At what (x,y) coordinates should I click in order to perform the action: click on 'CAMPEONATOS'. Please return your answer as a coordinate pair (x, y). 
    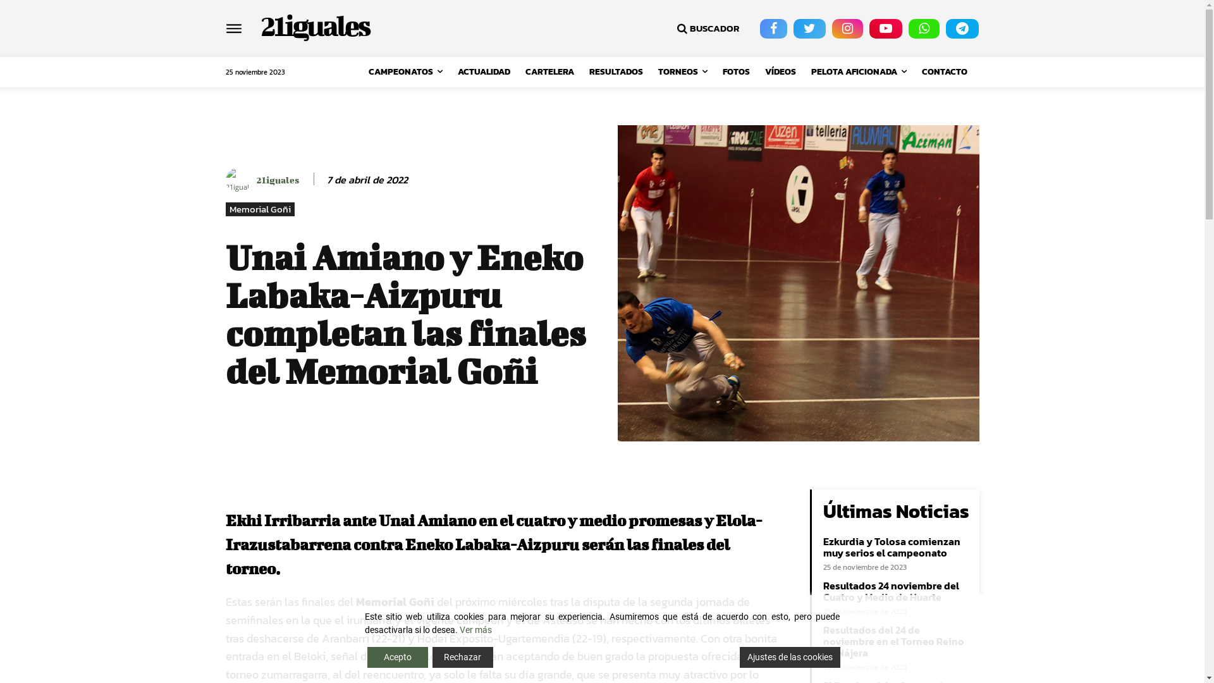
    Looking at the image, I should click on (405, 72).